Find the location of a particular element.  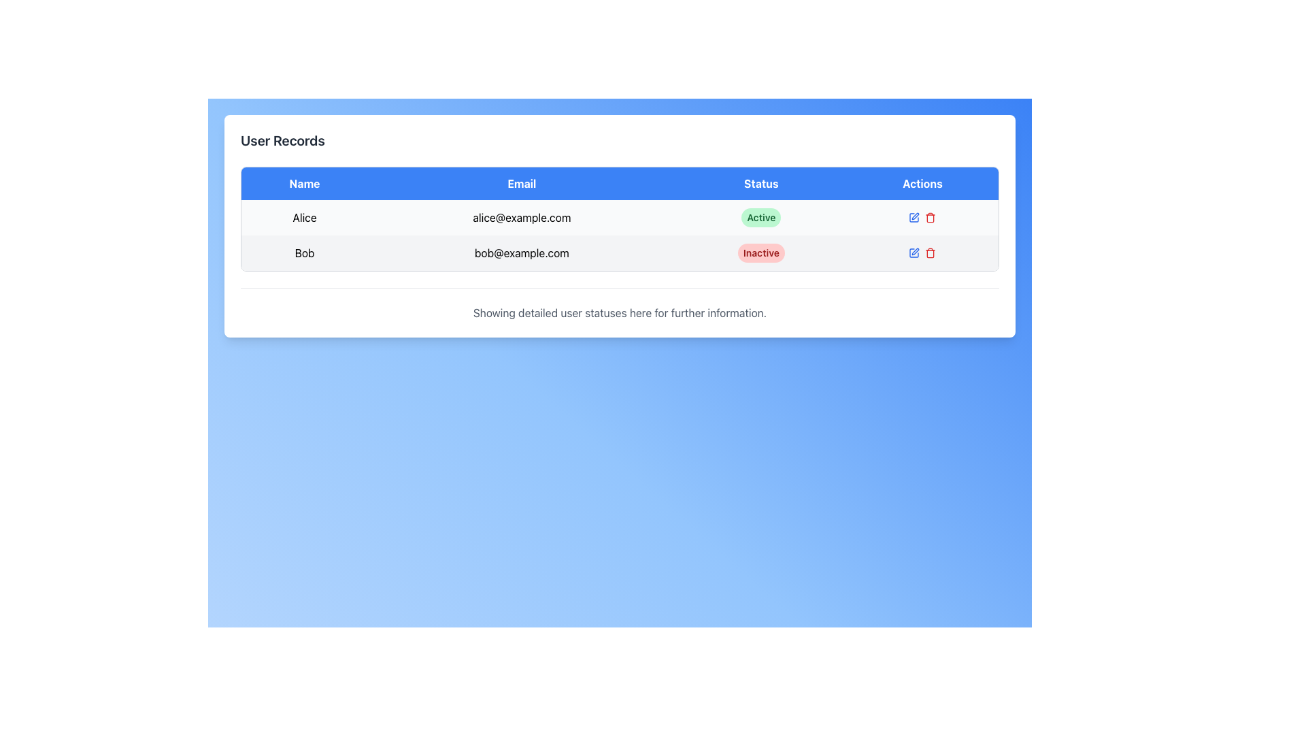

the Status indicator badge for user 'Alice' in the third column of the first row of the table is located at coordinates (760, 217).